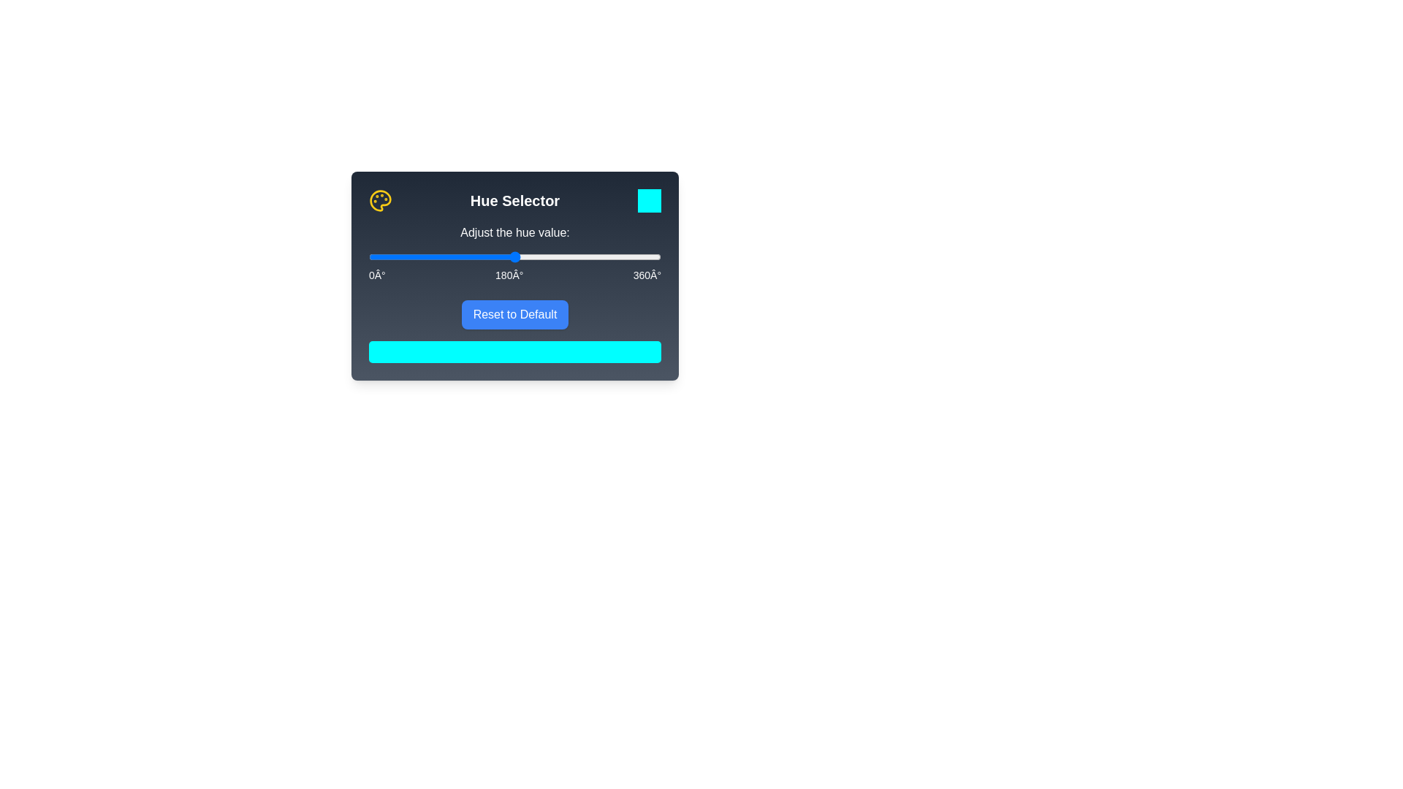  I want to click on the hue slider to 146°, so click(487, 256).